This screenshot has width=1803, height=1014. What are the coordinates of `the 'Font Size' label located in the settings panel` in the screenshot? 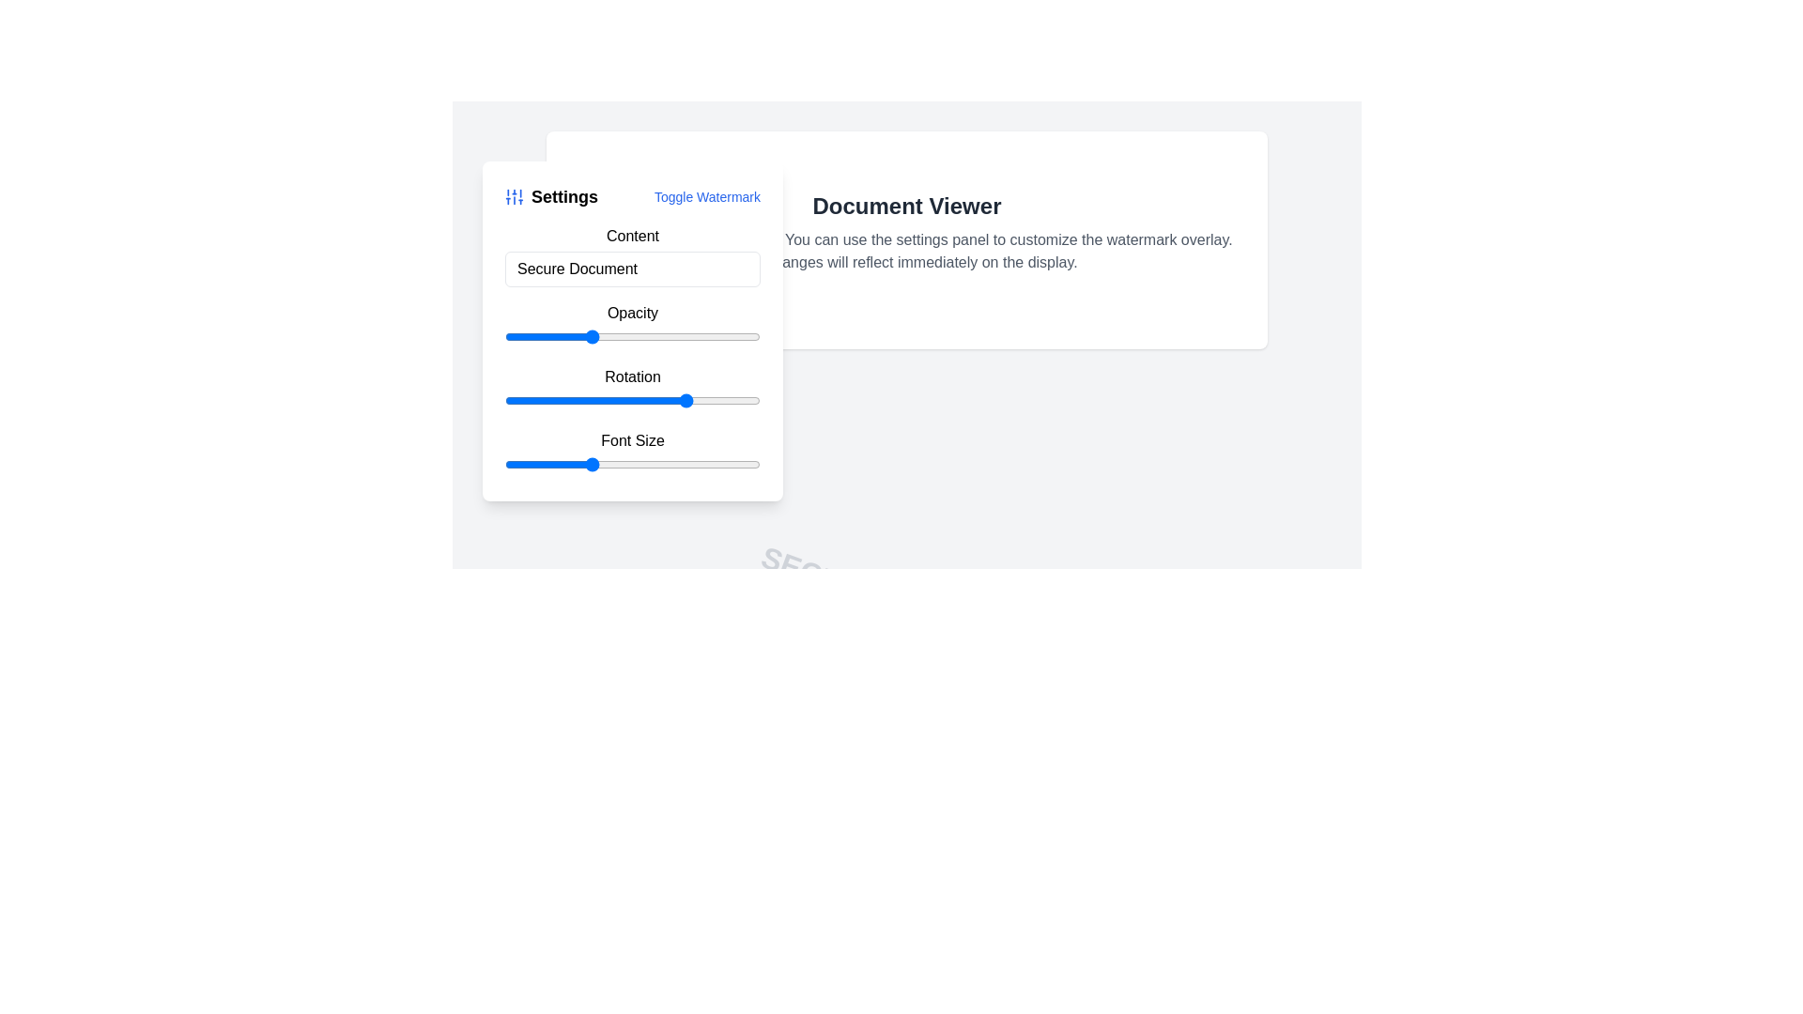 It's located at (632, 441).